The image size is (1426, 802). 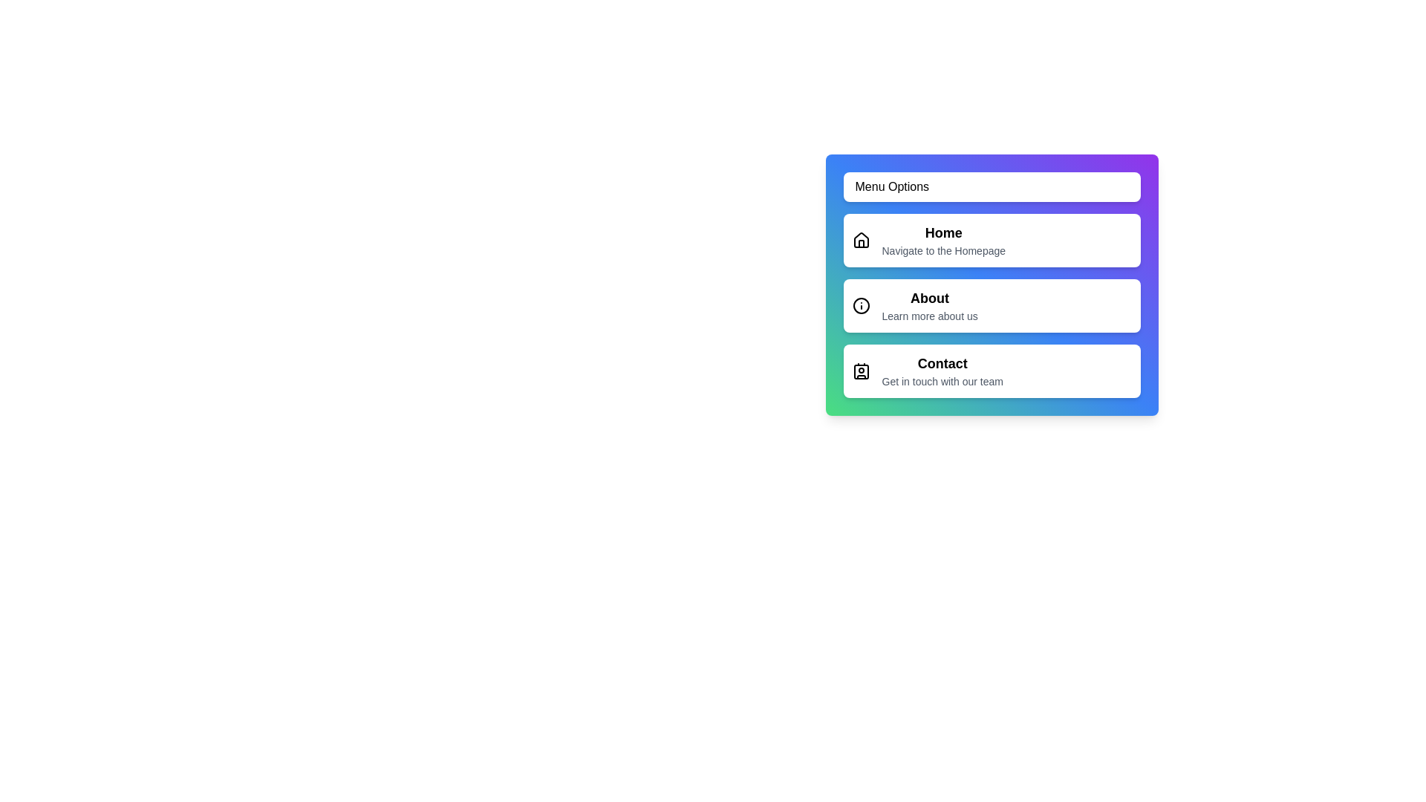 I want to click on the text description of the menu item labeled Home, so click(x=942, y=250).